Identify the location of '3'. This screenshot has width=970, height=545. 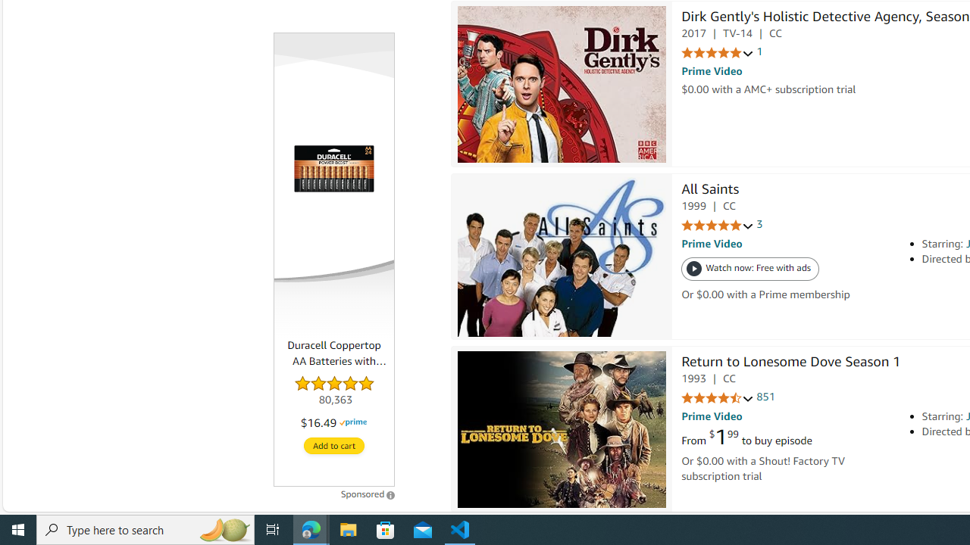
(759, 225).